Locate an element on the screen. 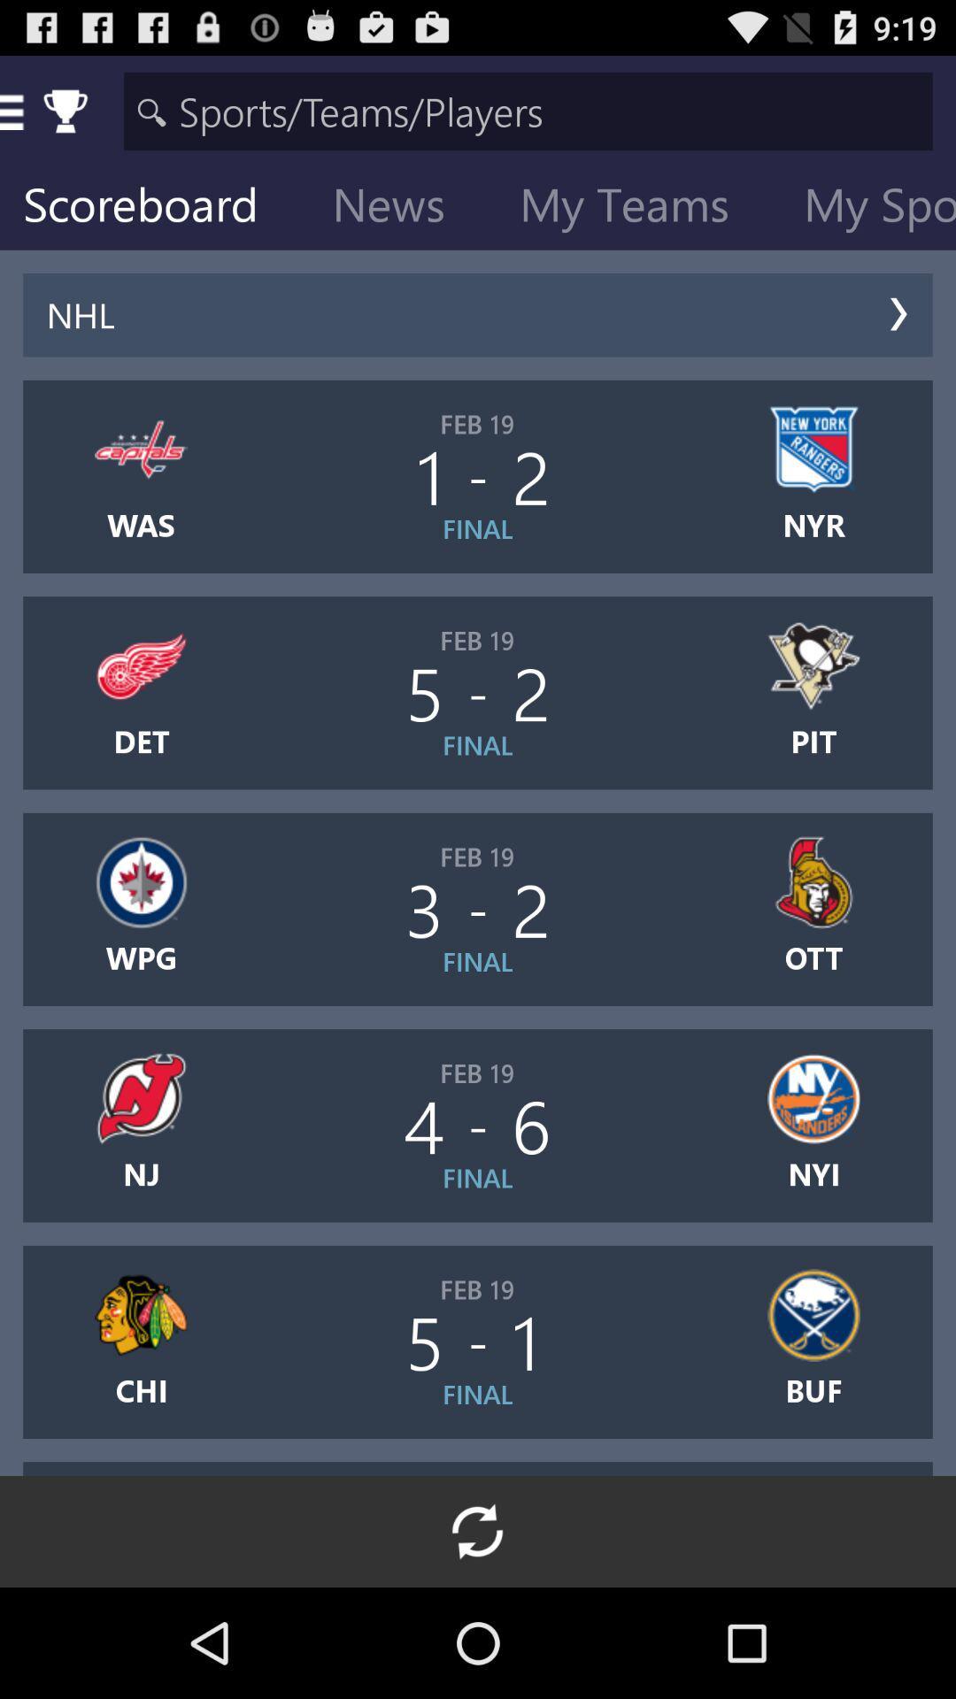 This screenshot has height=1699, width=956. the icon to the left of the my teams item is located at coordinates (403, 208).